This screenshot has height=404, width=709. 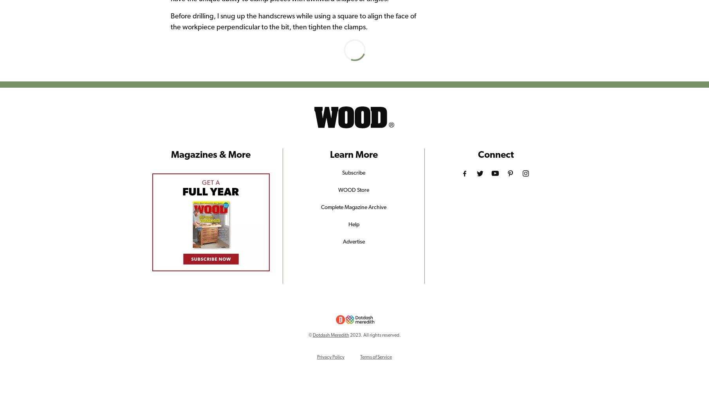 I want to click on 'WOOD Store', so click(x=354, y=189).